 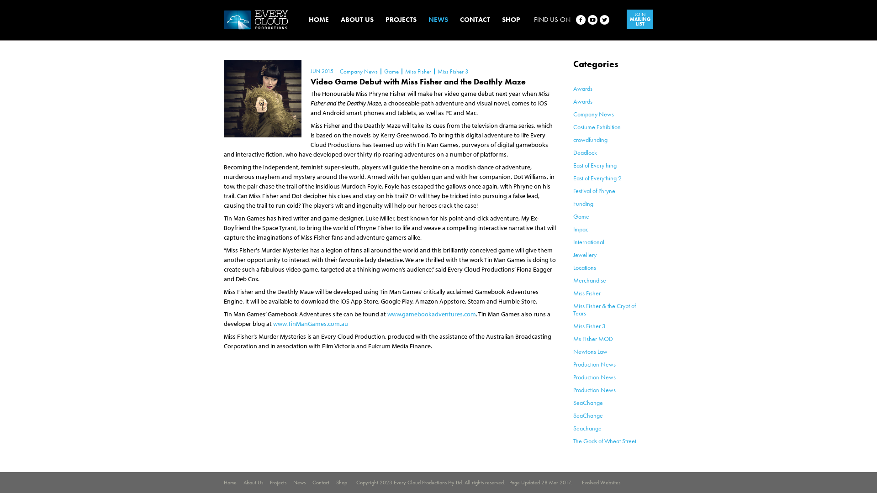 What do you see at coordinates (597, 126) in the screenshot?
I see `'Costume Exhibition'` at bounding box center [597, 126].